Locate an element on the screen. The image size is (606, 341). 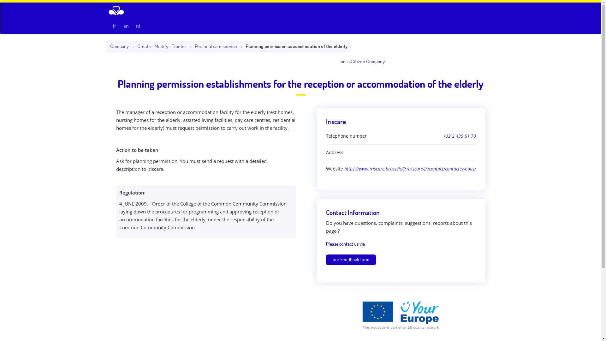
'Company' is located at coordinates (110, 46).